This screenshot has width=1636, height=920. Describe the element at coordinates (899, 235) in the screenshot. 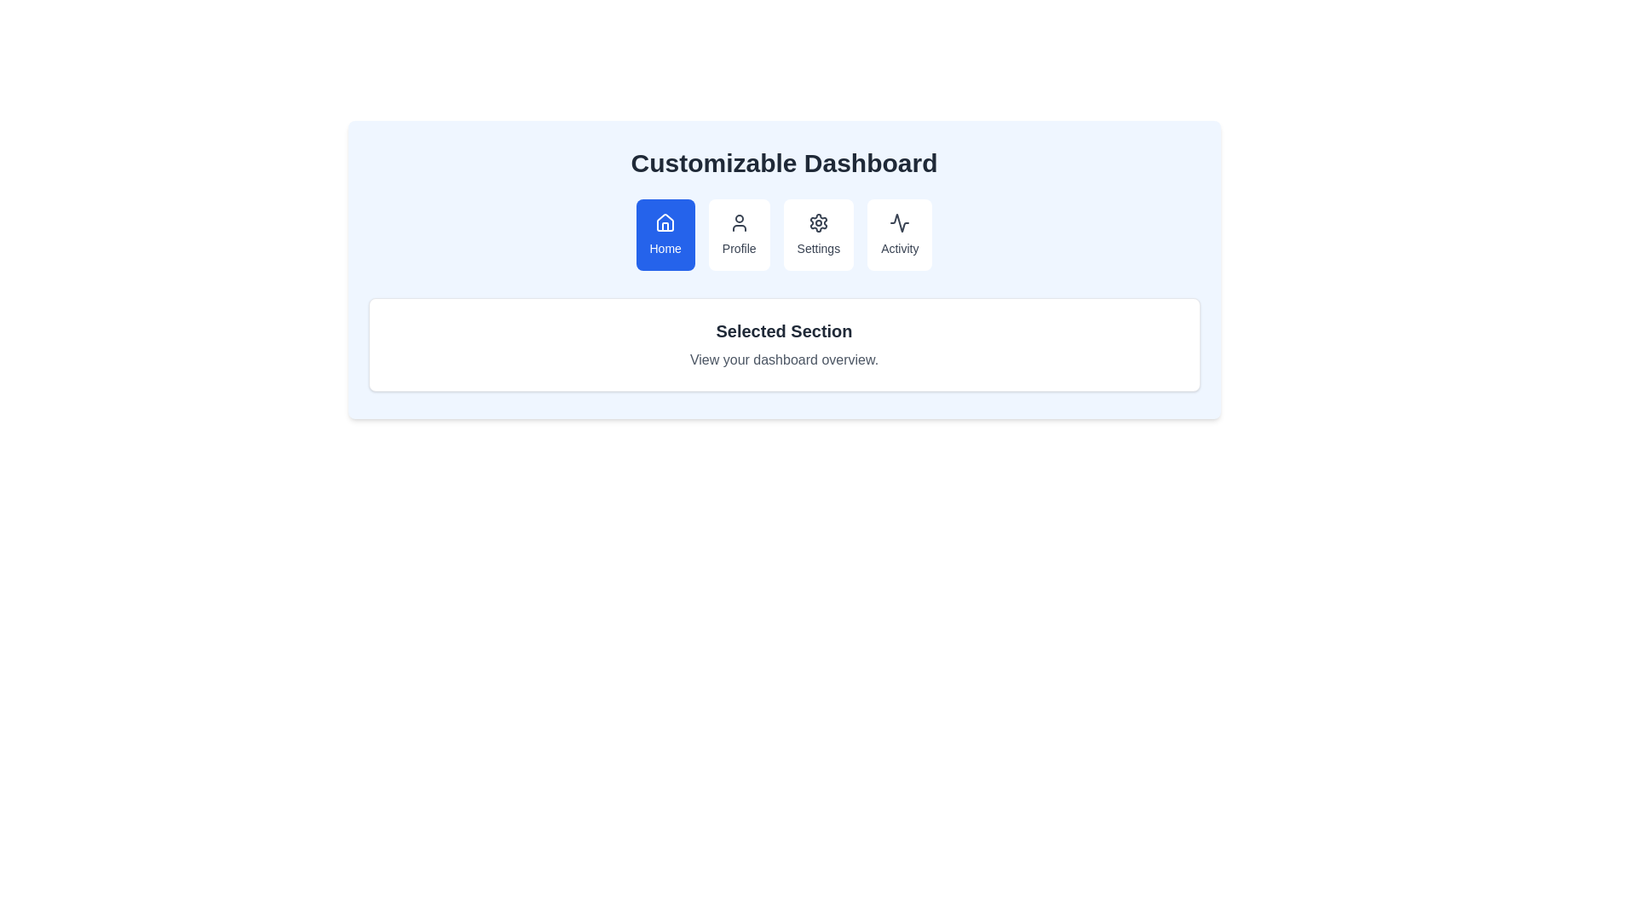

I see `the 'Activity' card, which is the fourth card in a horizontal row of navigation options` at that location.